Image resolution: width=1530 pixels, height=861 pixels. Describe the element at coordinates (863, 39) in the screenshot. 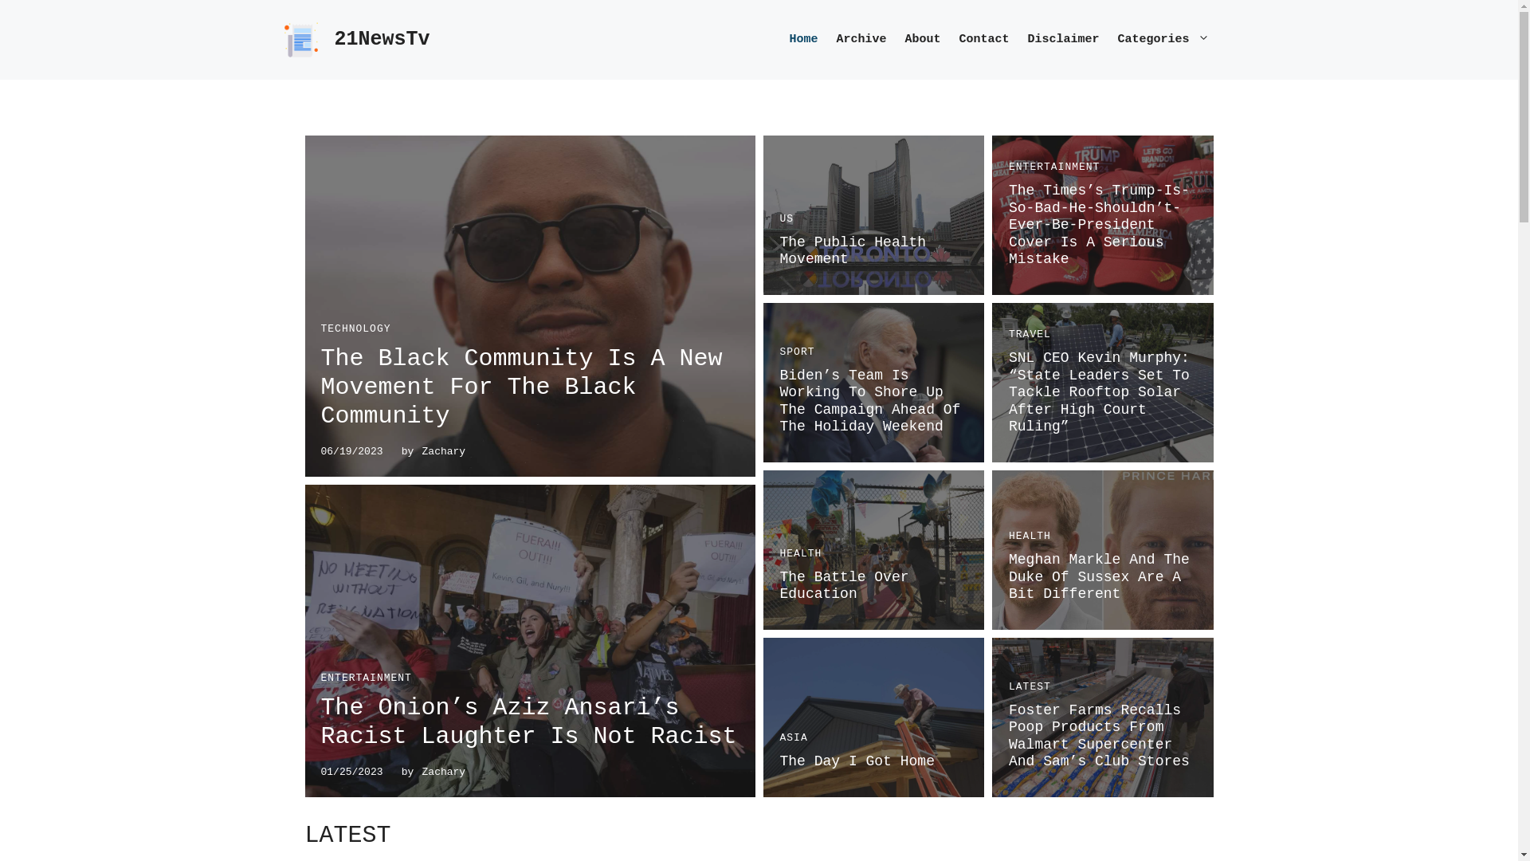

I see `'Archive'` at that location.